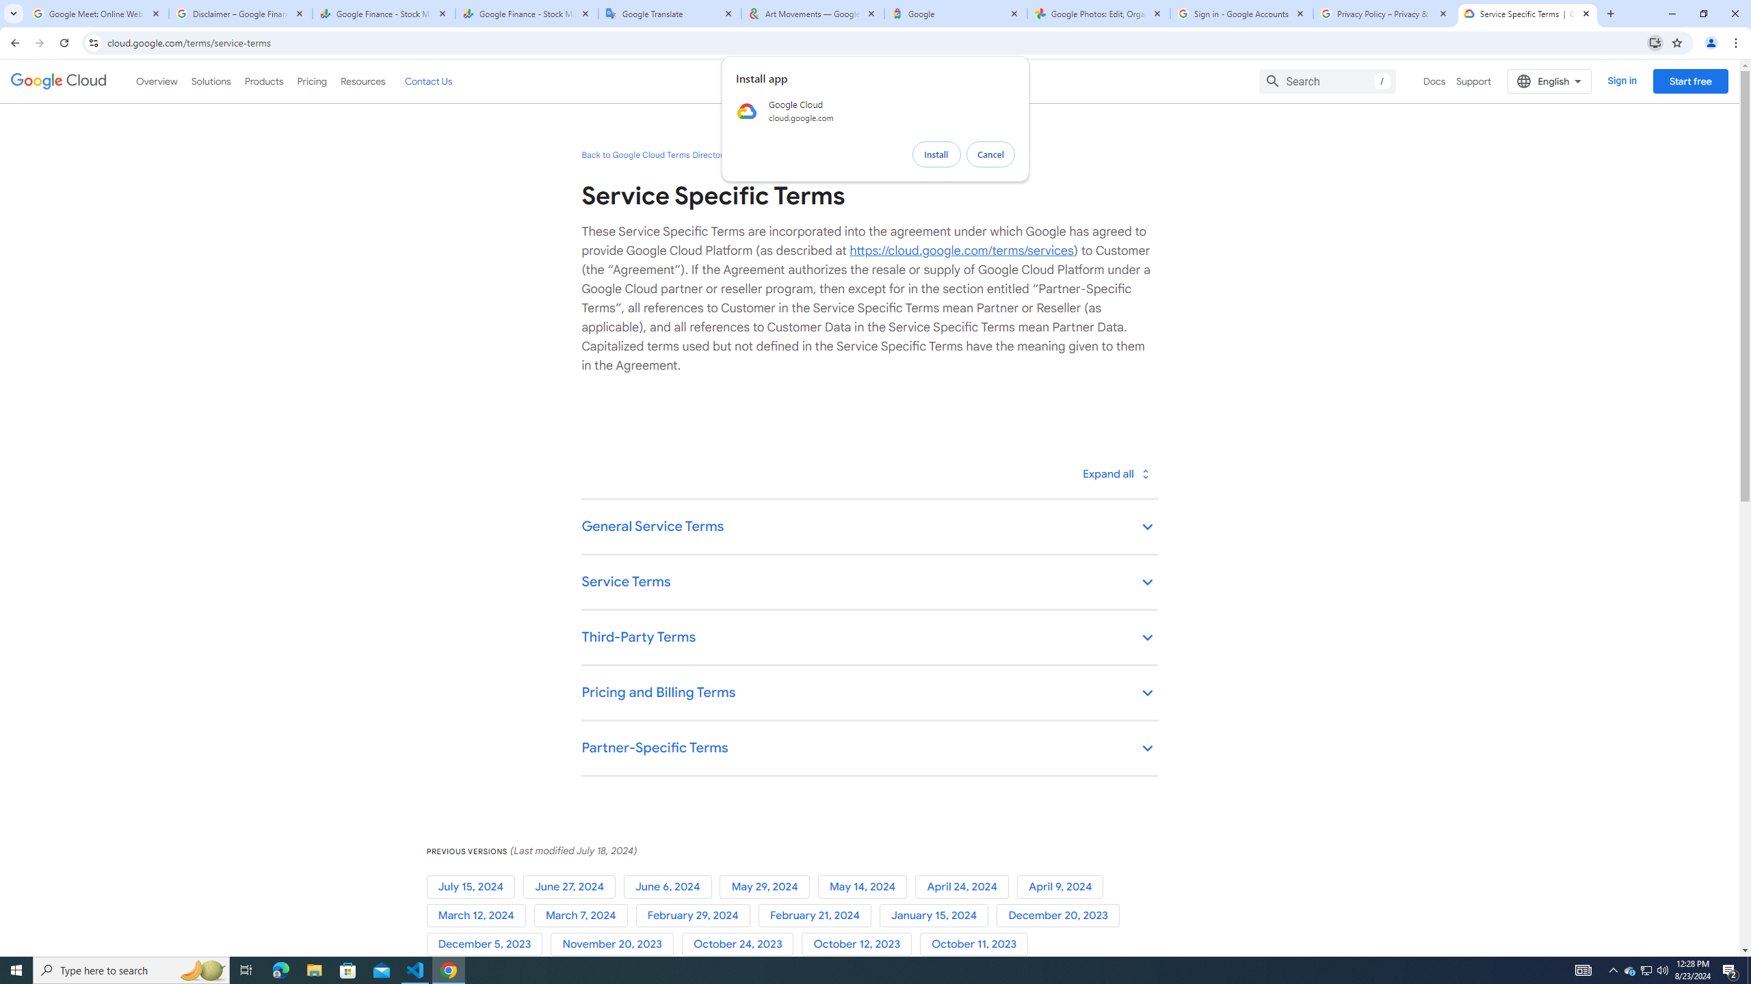  I want to click on 'June 27, 2024', so click(572, 887).